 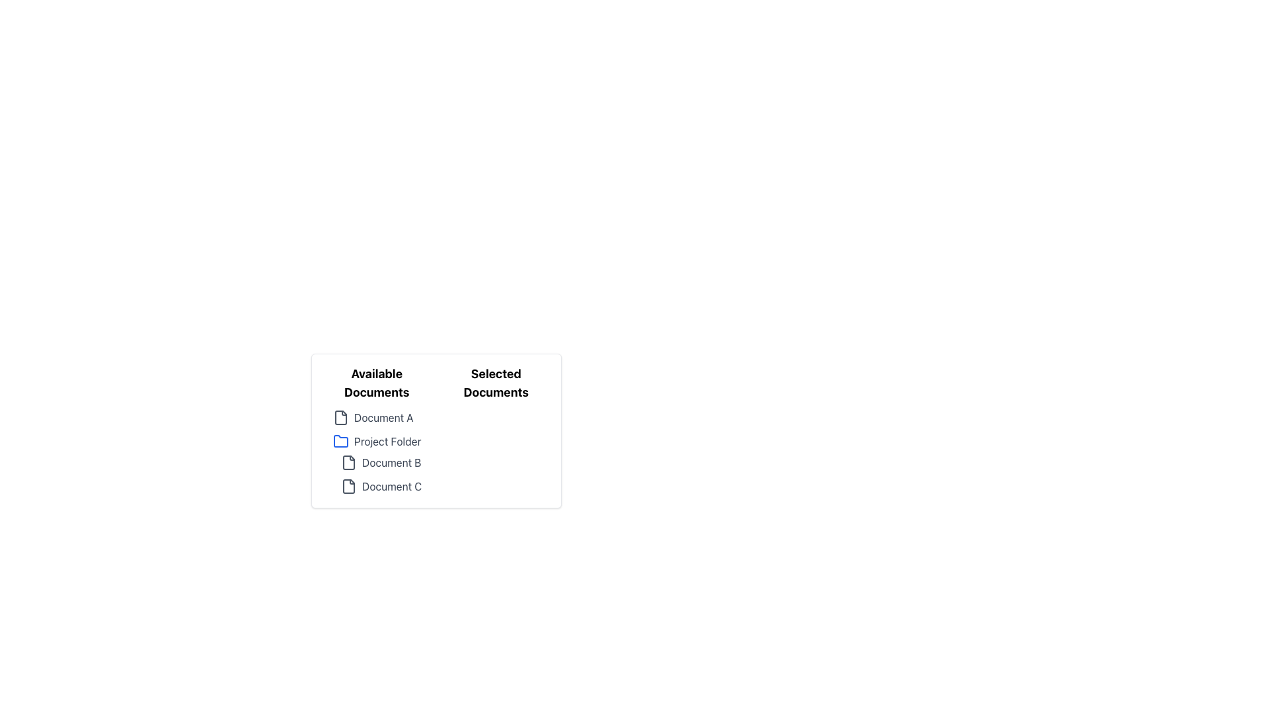 I want to click on the text element labeled 'Document B', which is the first item under 'Project Folder' and above 'Document C', so click(x=376, y=463).